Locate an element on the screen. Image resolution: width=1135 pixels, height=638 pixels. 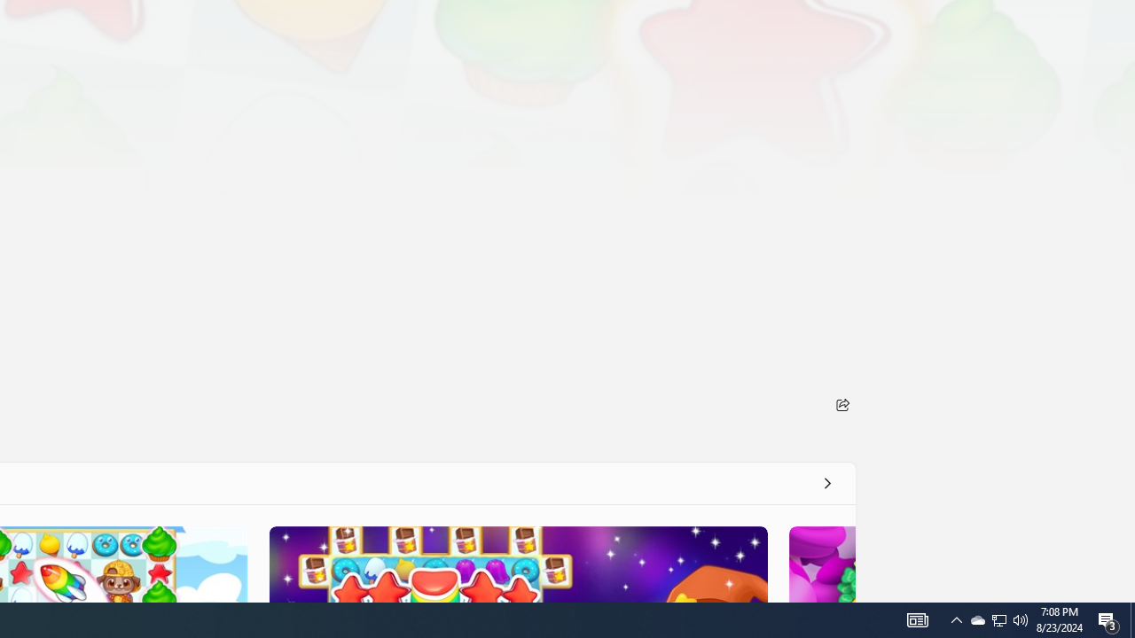
'Share' is located at coordinates (841, 404).